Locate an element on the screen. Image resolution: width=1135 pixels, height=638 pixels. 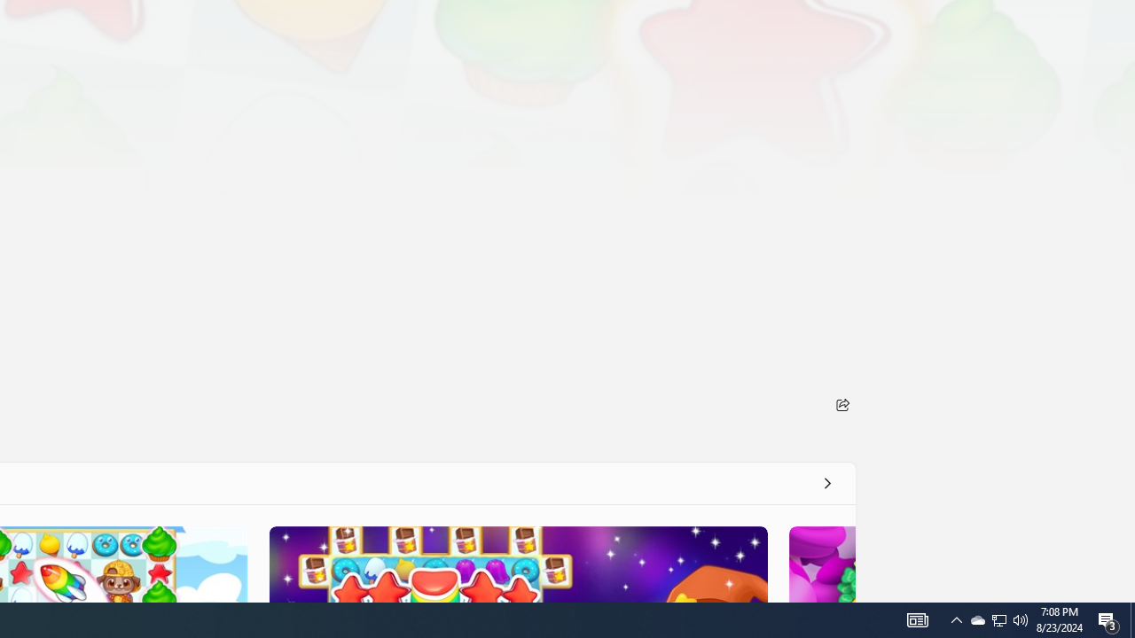
'Share' is located at coordinates (841, 404).